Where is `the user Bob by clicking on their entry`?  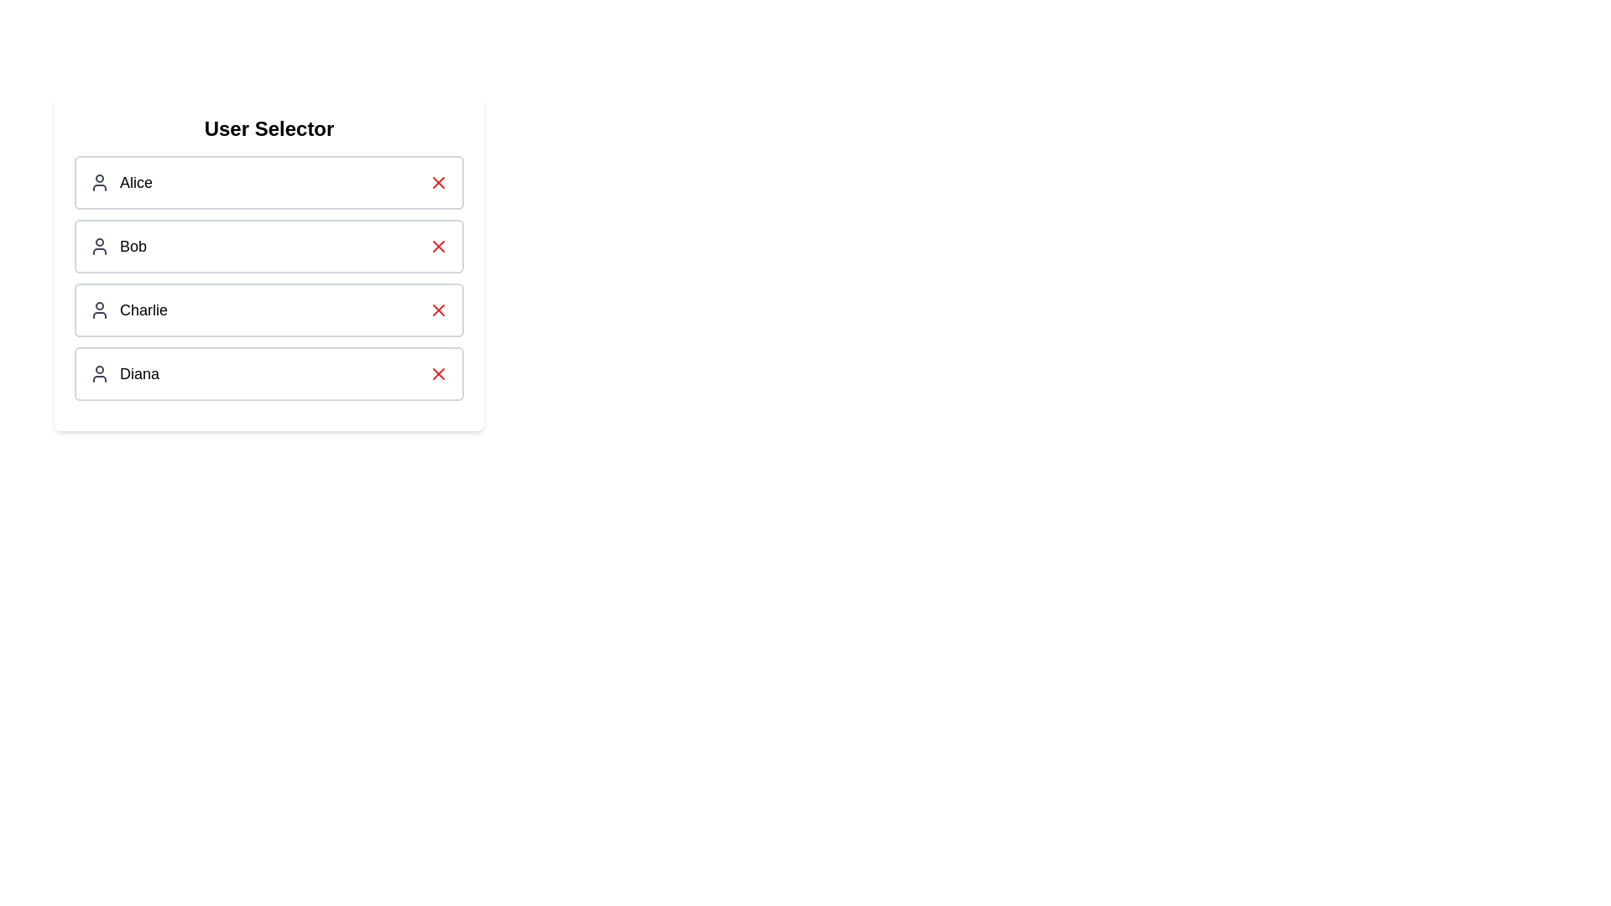
the user Bob by clicking on their entry is located at coordinates (269, 246).